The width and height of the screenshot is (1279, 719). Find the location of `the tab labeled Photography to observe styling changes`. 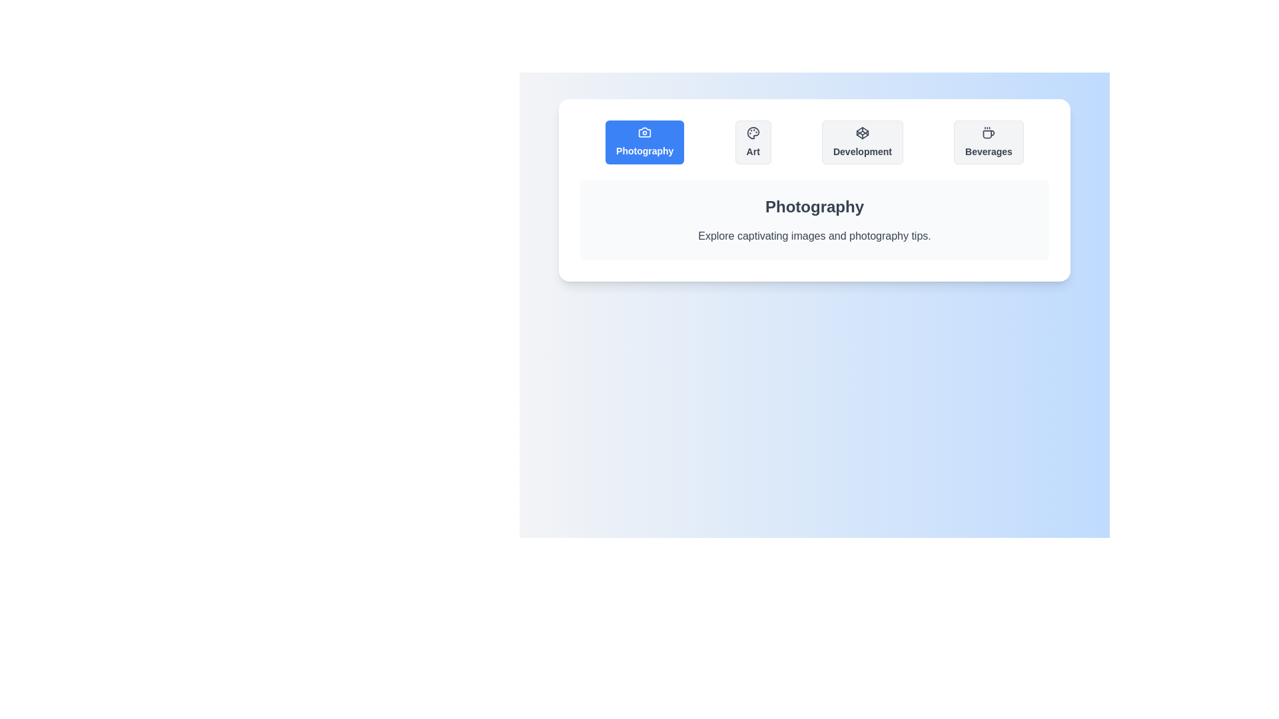

the tab labeled Photography to observe styling changes is located at coordinates (645, 142).